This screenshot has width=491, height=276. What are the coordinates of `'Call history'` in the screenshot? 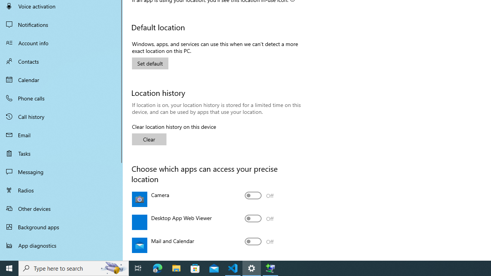 It's located at (61, 117).